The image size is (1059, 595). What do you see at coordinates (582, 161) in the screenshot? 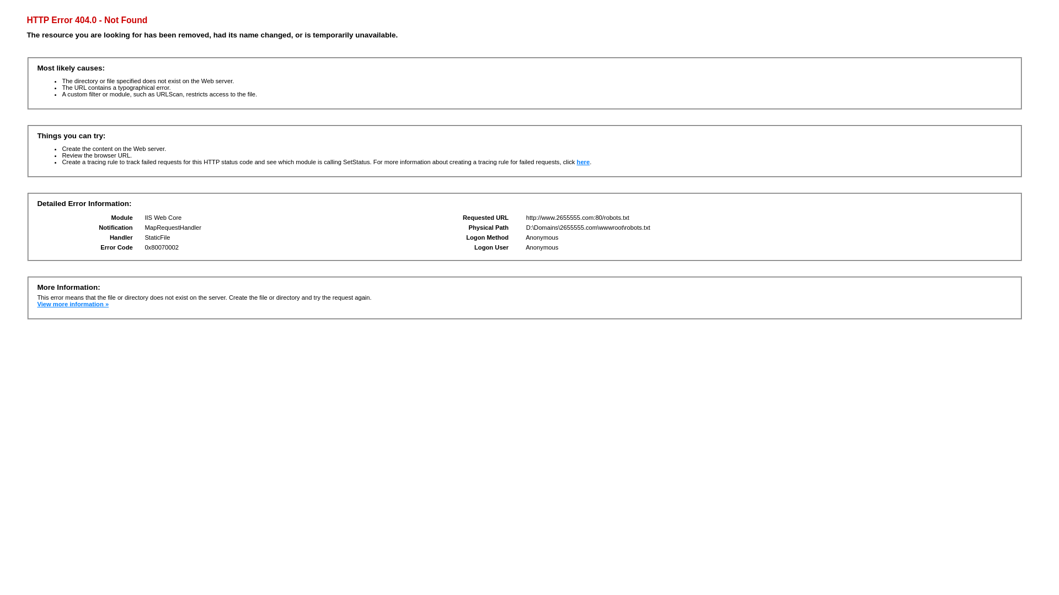
I see `'here'` at bounding box center [582, 161].